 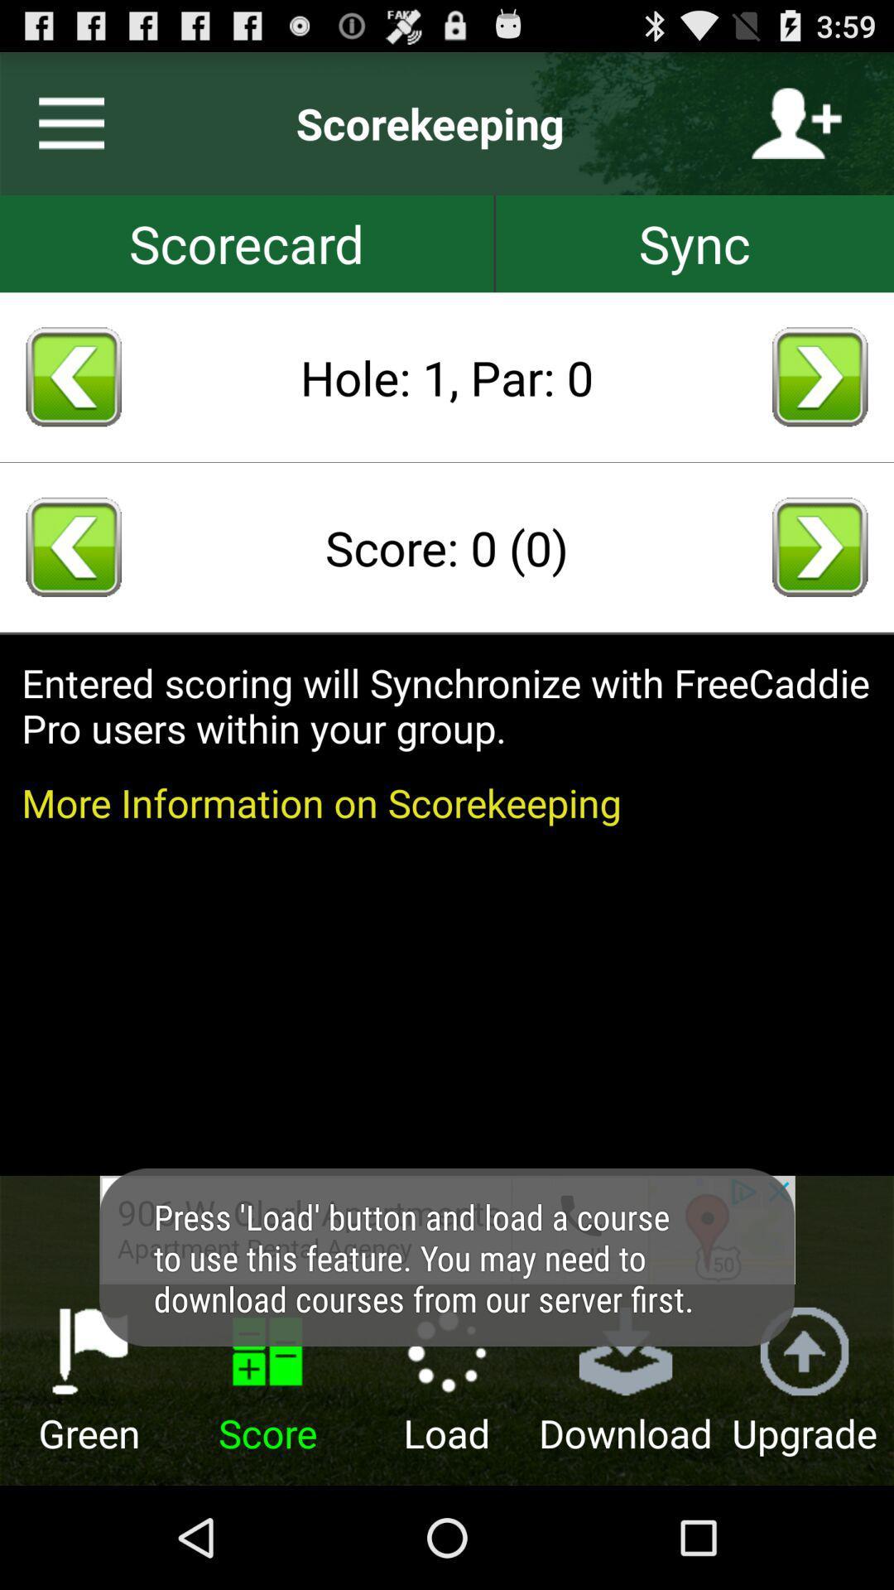 What do you see at coordinates (820, 547) in the screenshot?
I see `the button which is next to the score 00` at bounding box center [820, 547].